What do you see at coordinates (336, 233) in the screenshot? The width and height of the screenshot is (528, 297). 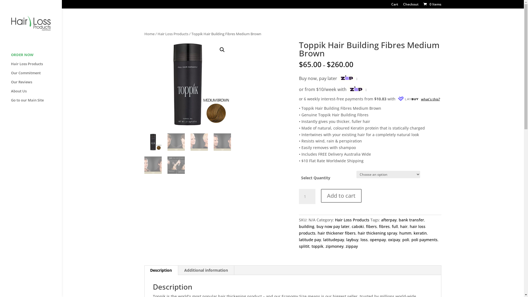 I see `'hair thickener fibers'` at bounding box center [336, 233].